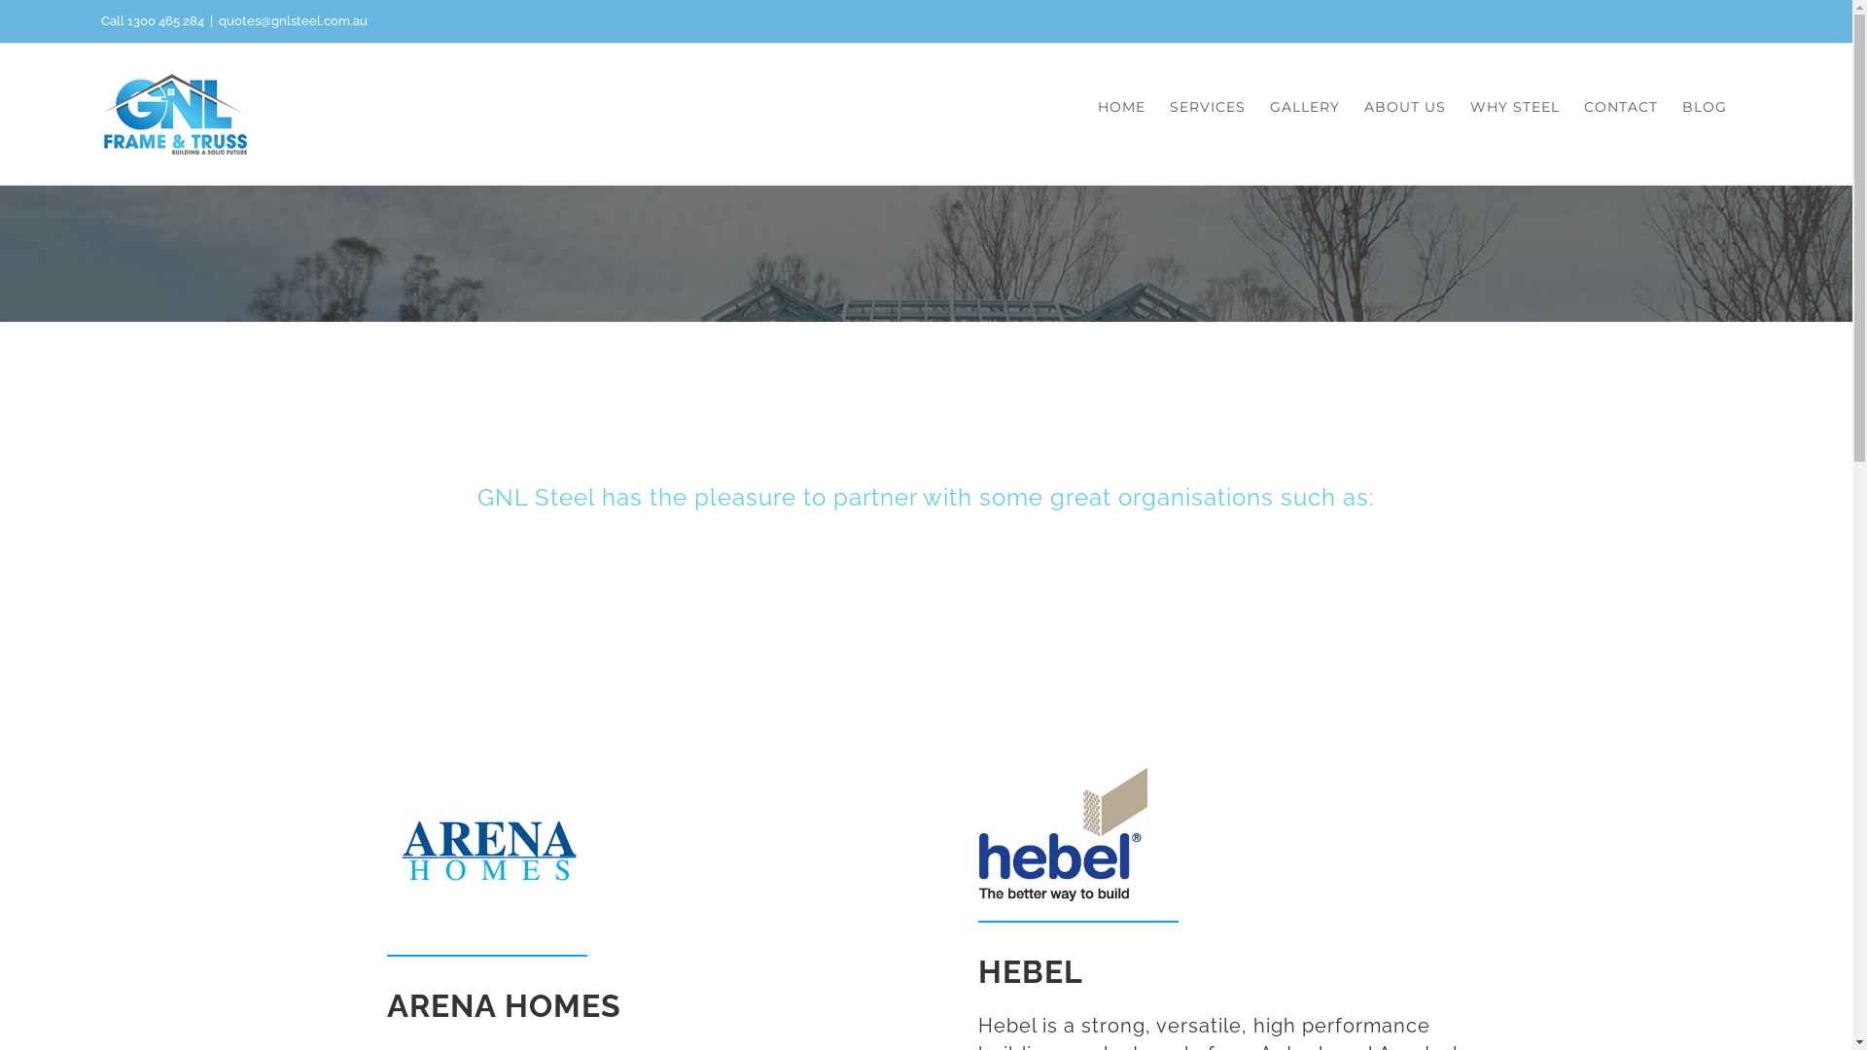 The height and width of the screenshot is (1050, 1867). What do you see at coordinates (1121, 107) in the screenshot?
I see `'HOME'` at bounding box center [1121, 107].